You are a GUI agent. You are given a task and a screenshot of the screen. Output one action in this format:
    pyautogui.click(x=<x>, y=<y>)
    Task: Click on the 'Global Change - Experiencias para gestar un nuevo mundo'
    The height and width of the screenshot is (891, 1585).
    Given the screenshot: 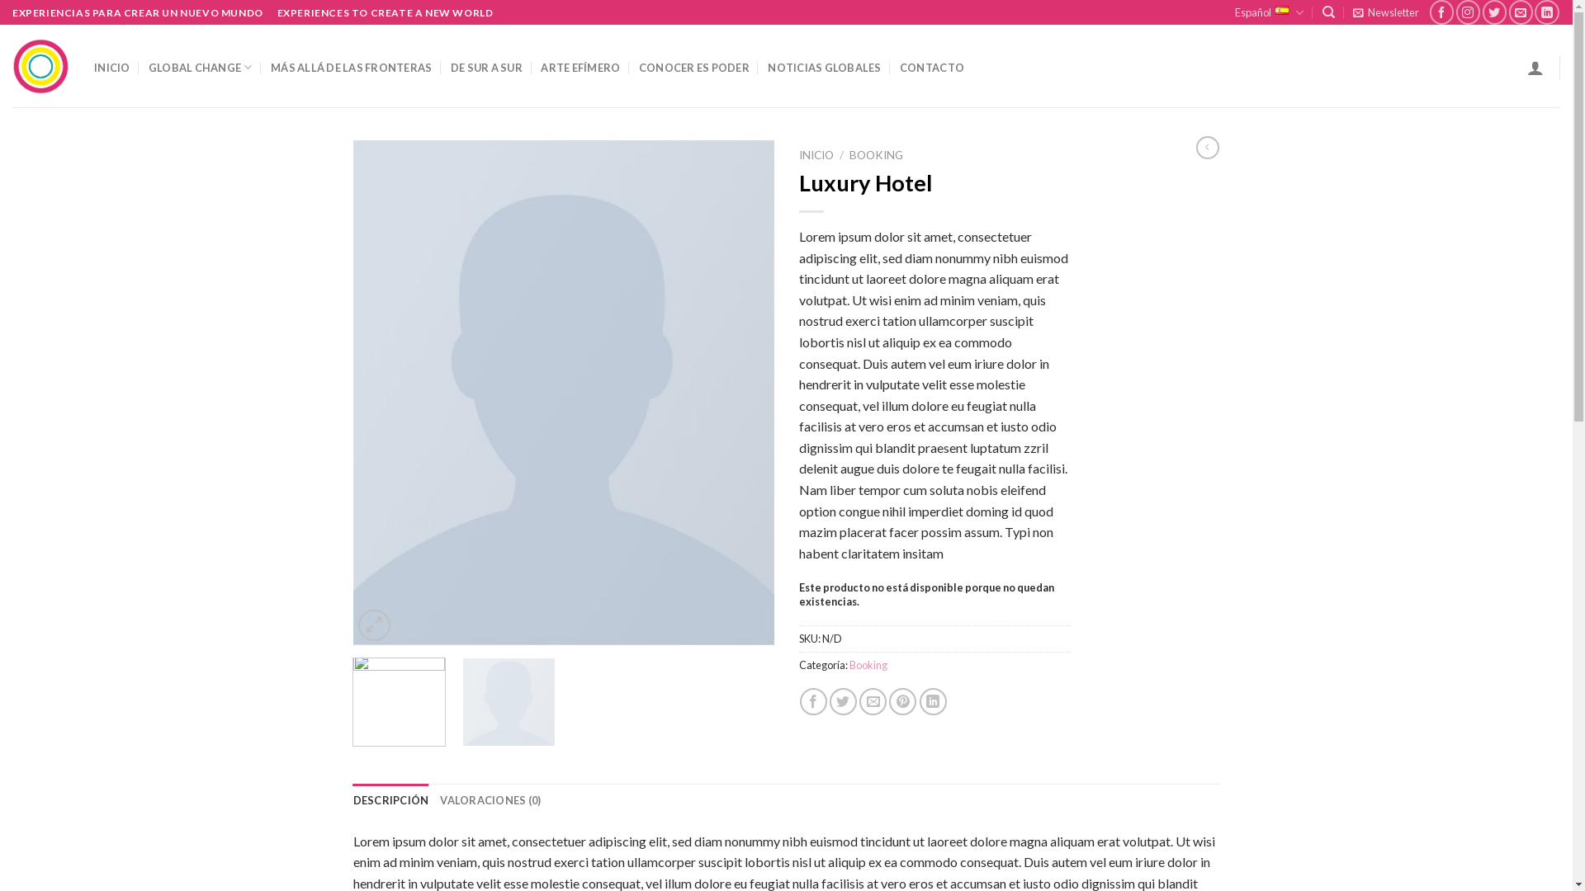 What is the action you would take?
    pyautogui.click(x=40, y=66)
    